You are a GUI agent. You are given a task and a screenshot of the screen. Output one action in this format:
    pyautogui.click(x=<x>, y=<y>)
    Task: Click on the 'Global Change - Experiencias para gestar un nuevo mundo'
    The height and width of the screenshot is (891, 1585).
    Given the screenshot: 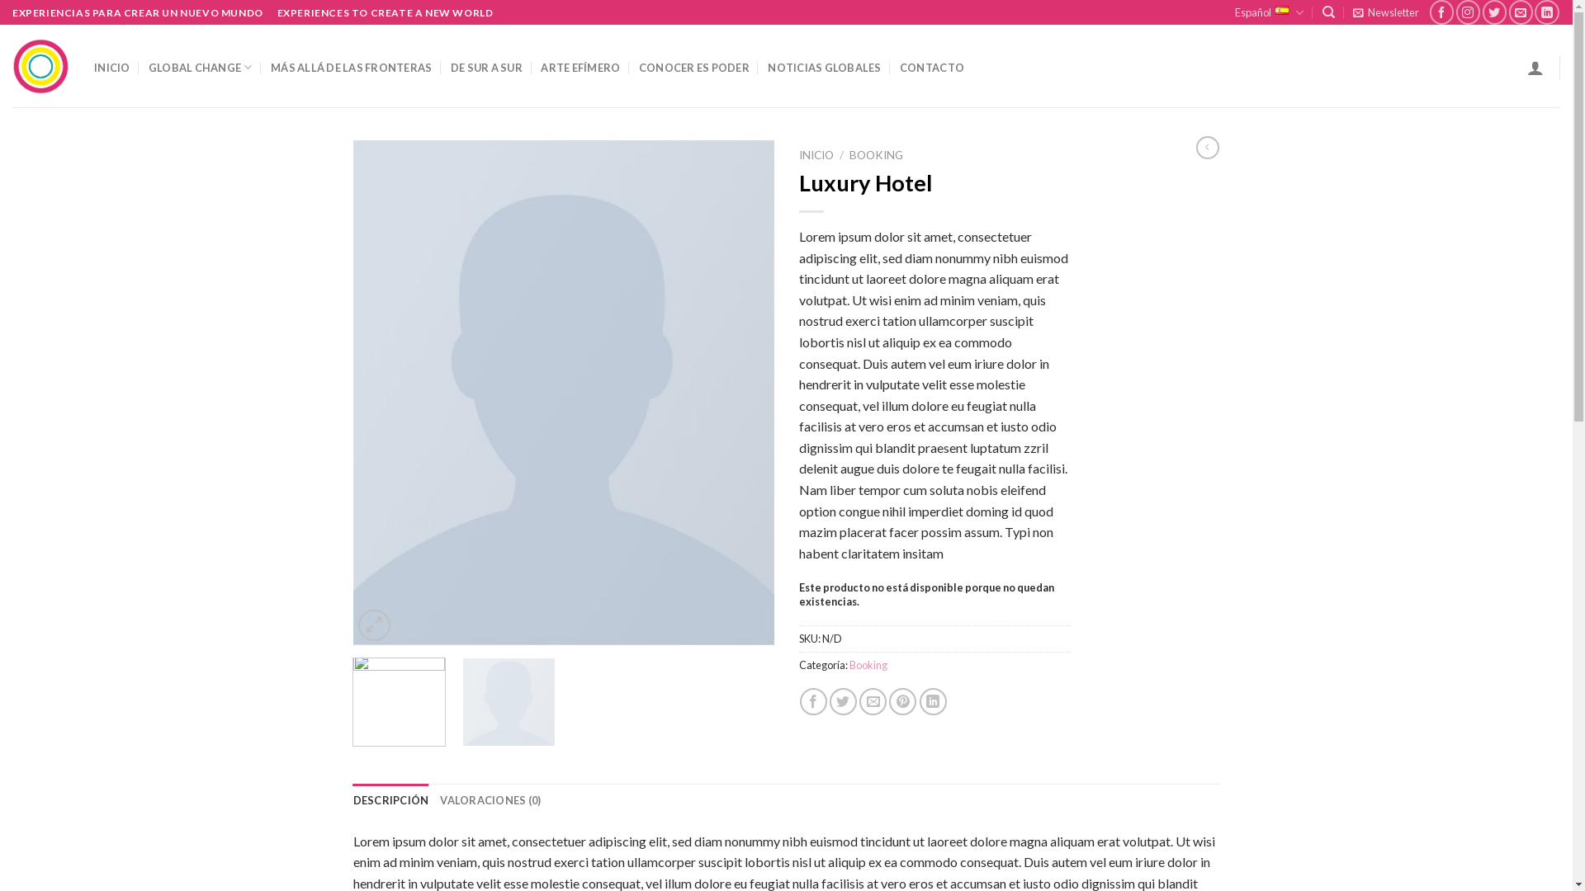 What is the action you would take?
    pyautogui.click(x=40, y=66)
    